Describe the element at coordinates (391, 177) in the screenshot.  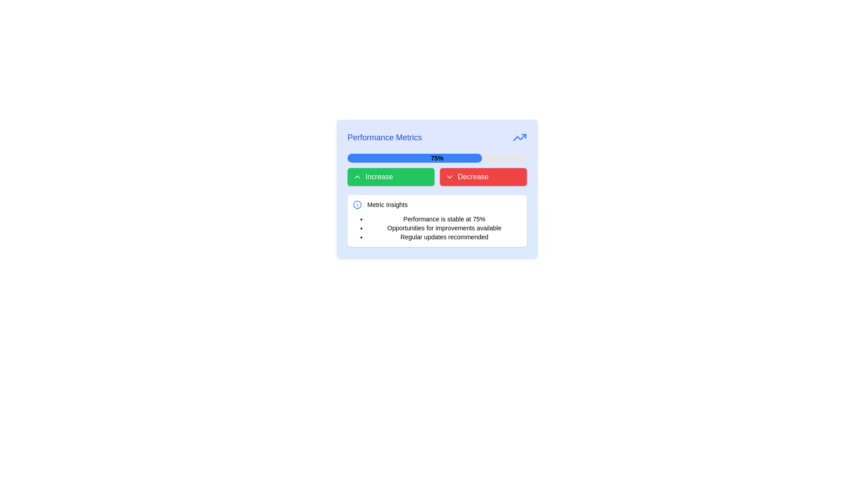
I see `the green 'Increase' button, which has a white text label and an upward-facing chevron icon, located below the progress bar` at that location.